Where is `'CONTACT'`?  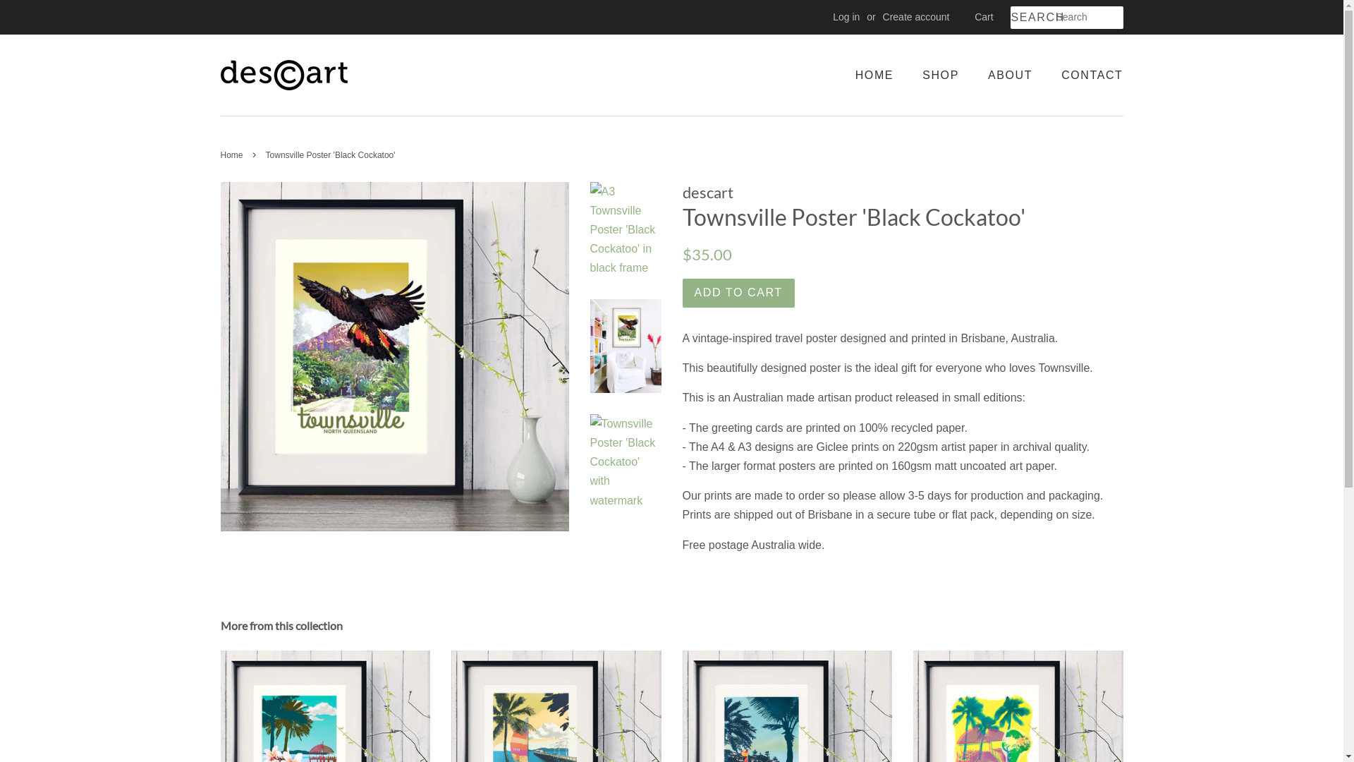
'CONTACT' is located at coordinates (1050, 75).